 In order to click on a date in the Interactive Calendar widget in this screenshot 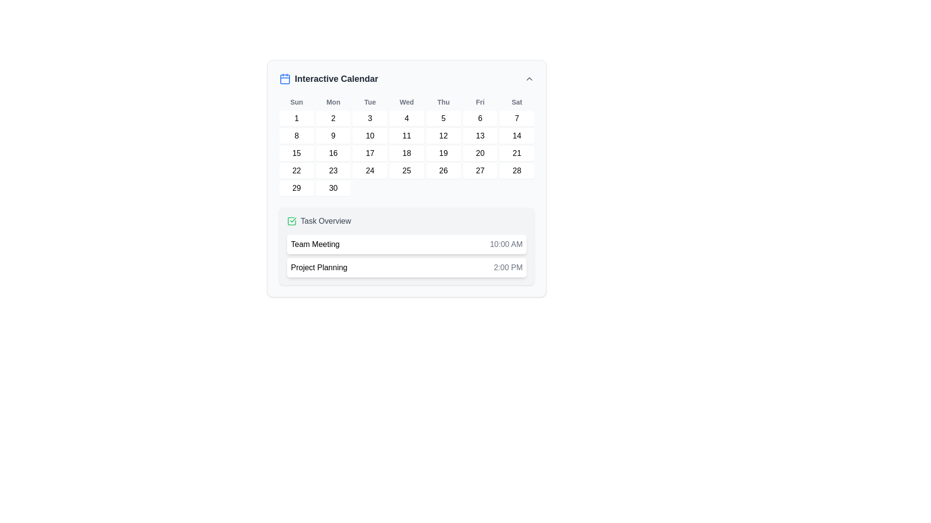, I will do `click(407, 179)`.